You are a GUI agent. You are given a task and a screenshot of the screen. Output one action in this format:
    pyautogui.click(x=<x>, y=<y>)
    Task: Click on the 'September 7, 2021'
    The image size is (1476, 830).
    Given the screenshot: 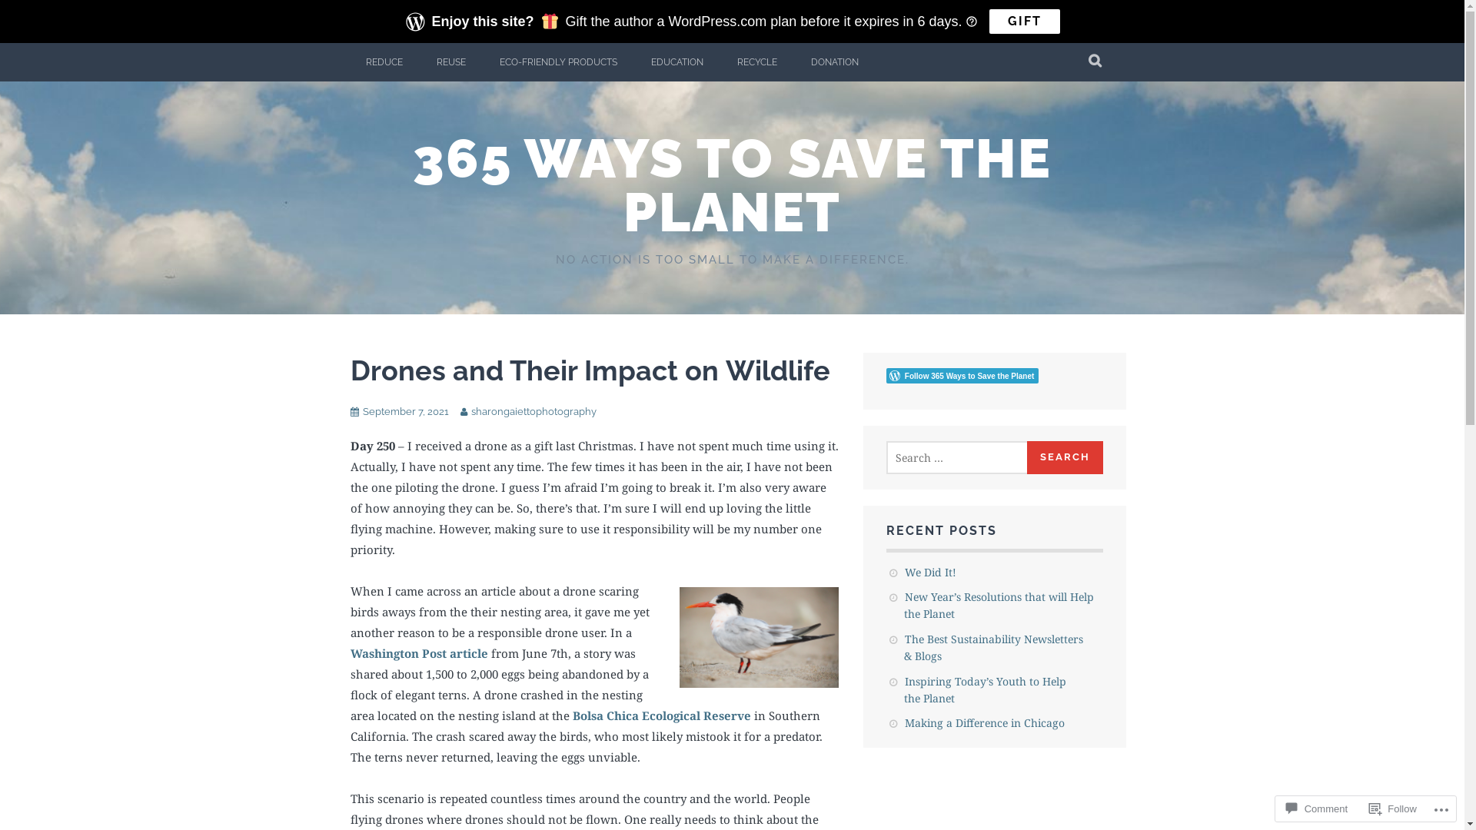 What is the action you would take?
    pyautogui.click(x=406, y=410)
    